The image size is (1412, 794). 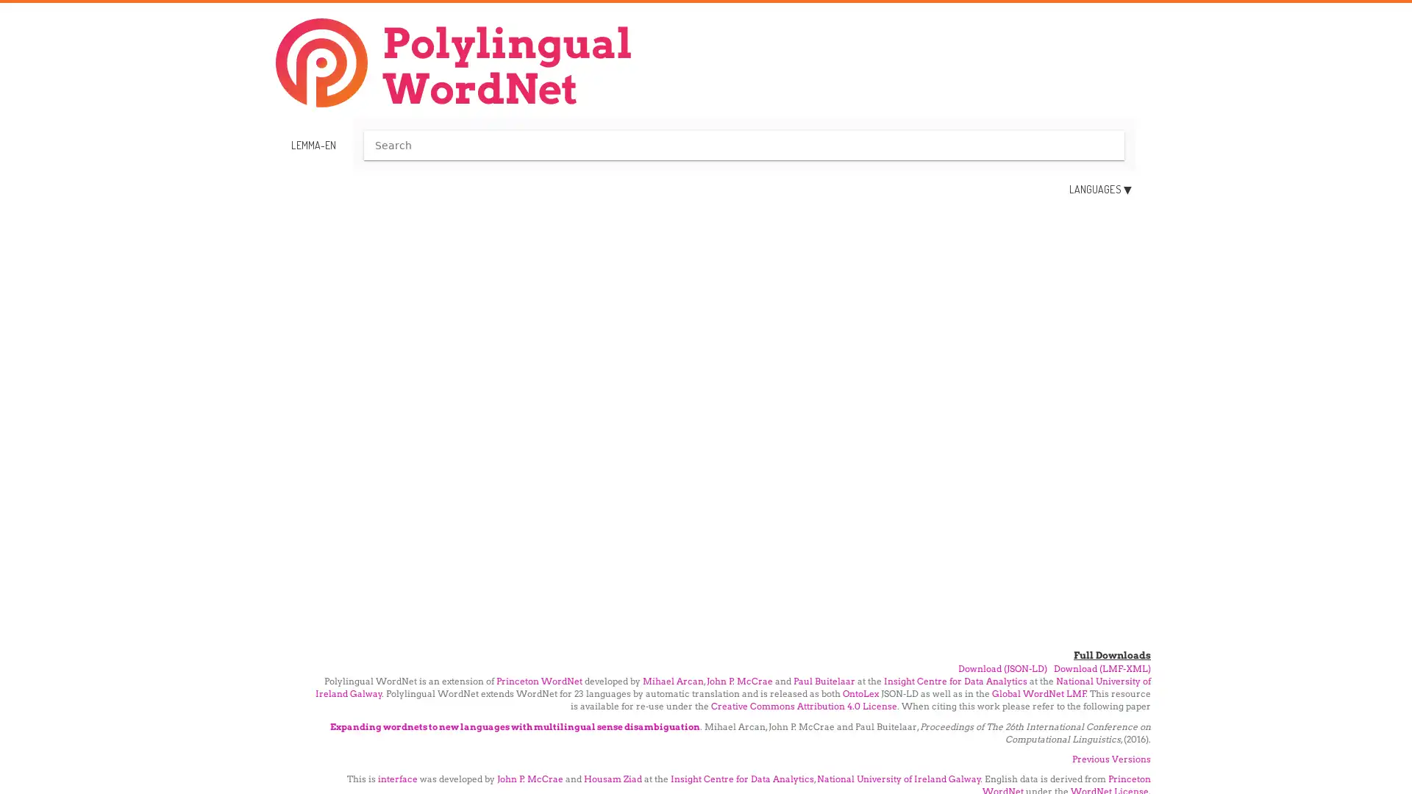 What do you see at coordinates (1023, 339) in the screenshot?
I see `SELECT ALL` at bounding box center [1023, 339].